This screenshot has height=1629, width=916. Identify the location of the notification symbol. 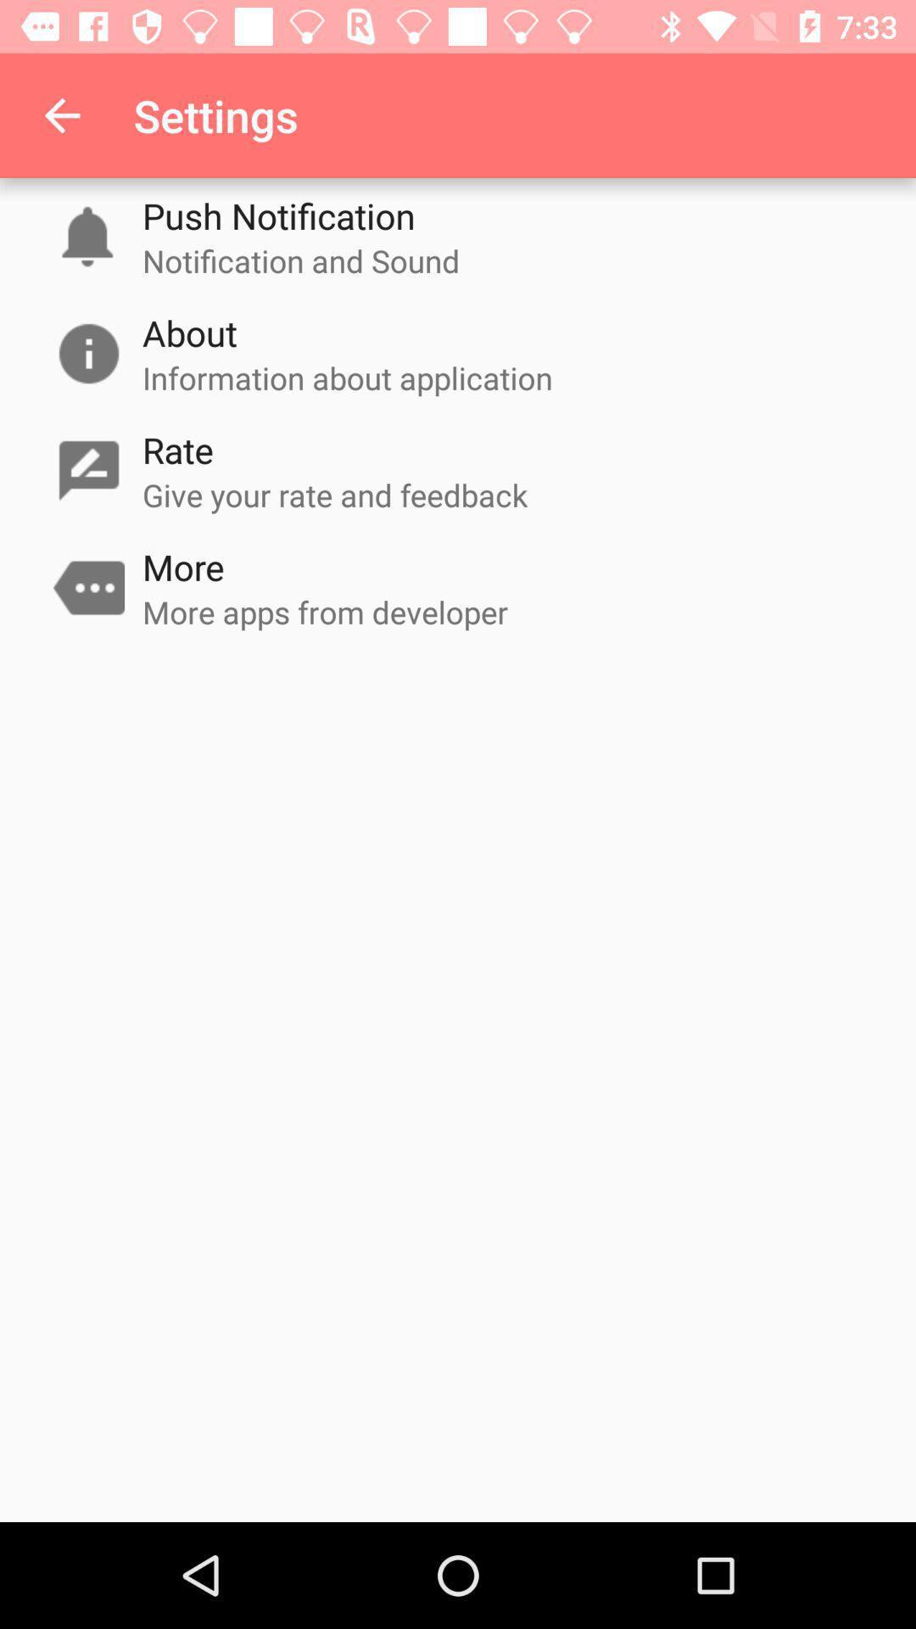
(88, 235).